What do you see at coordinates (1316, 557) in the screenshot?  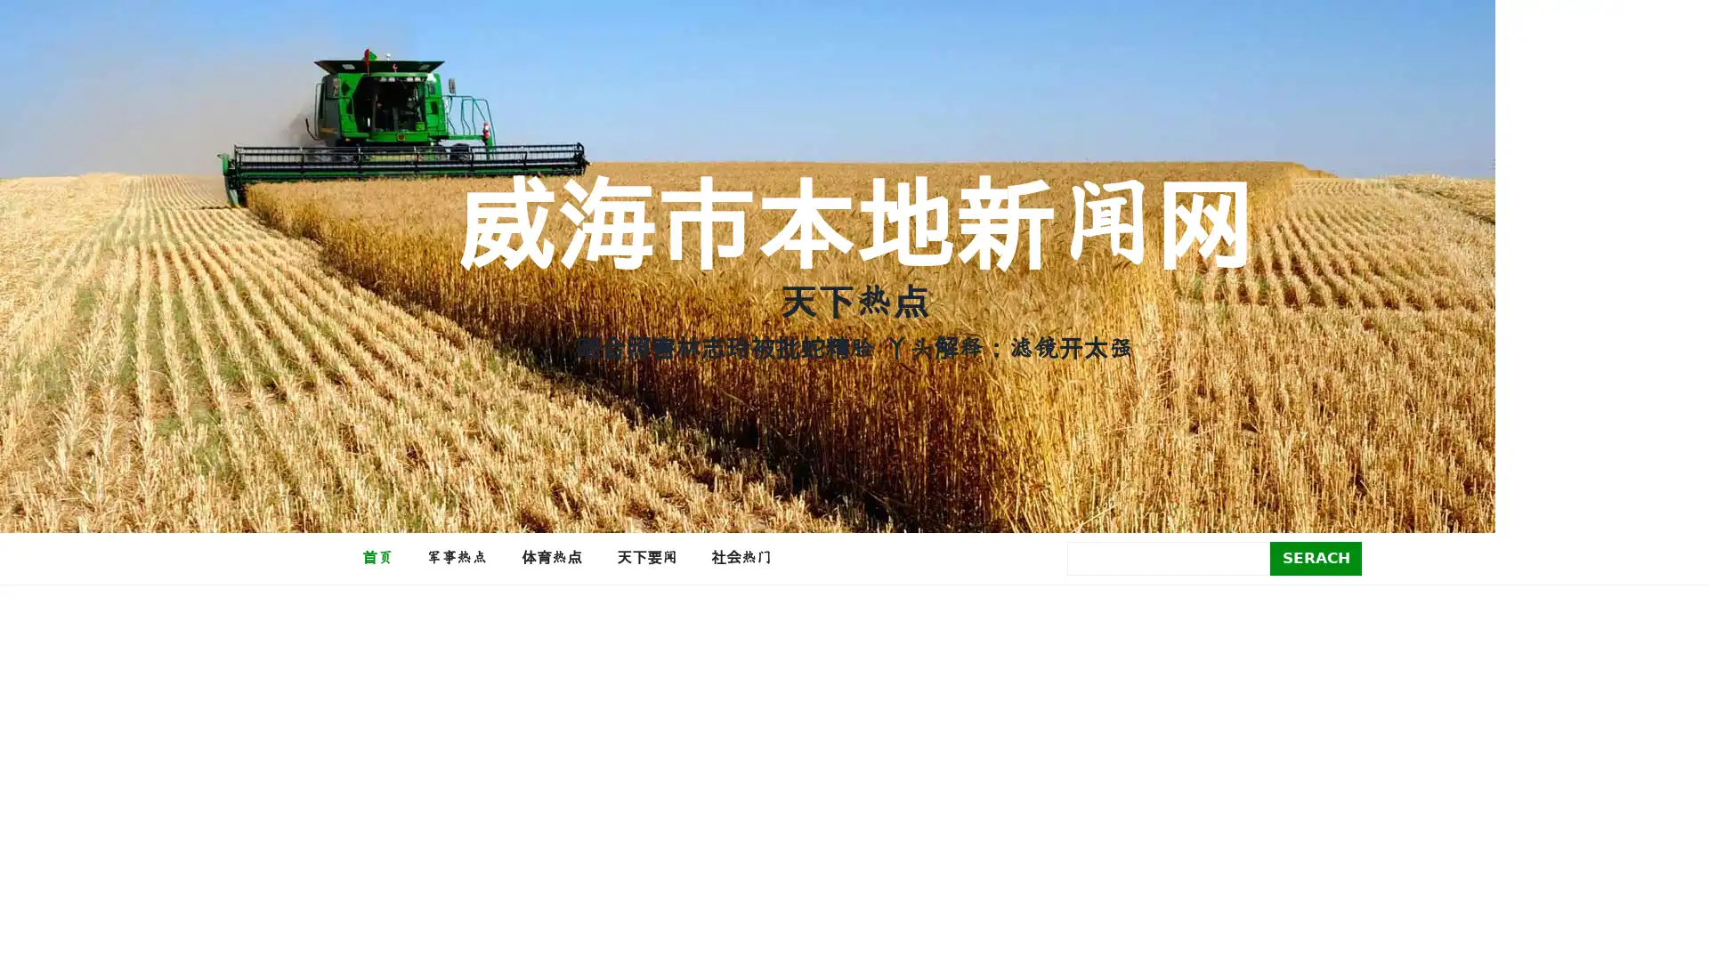 I see `serach` at bounding box center [1316, 557].